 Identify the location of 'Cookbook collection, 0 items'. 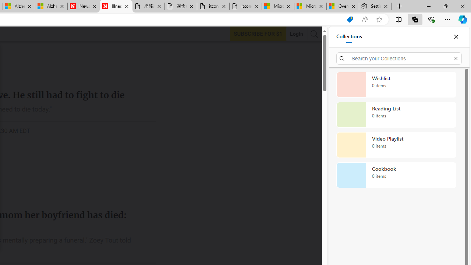
(396, 175).